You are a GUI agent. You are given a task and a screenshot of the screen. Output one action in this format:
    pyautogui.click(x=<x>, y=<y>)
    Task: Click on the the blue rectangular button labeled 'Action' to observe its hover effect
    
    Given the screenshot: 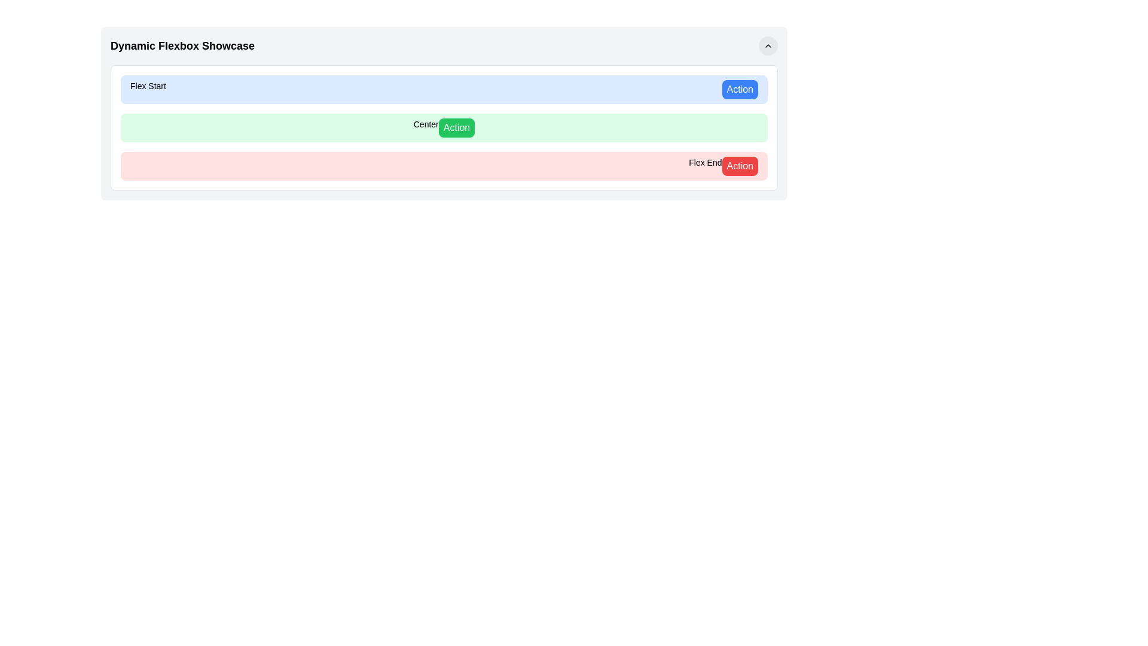 What is the action you would take?
    pyautogui.click(x=739, y=89)
    